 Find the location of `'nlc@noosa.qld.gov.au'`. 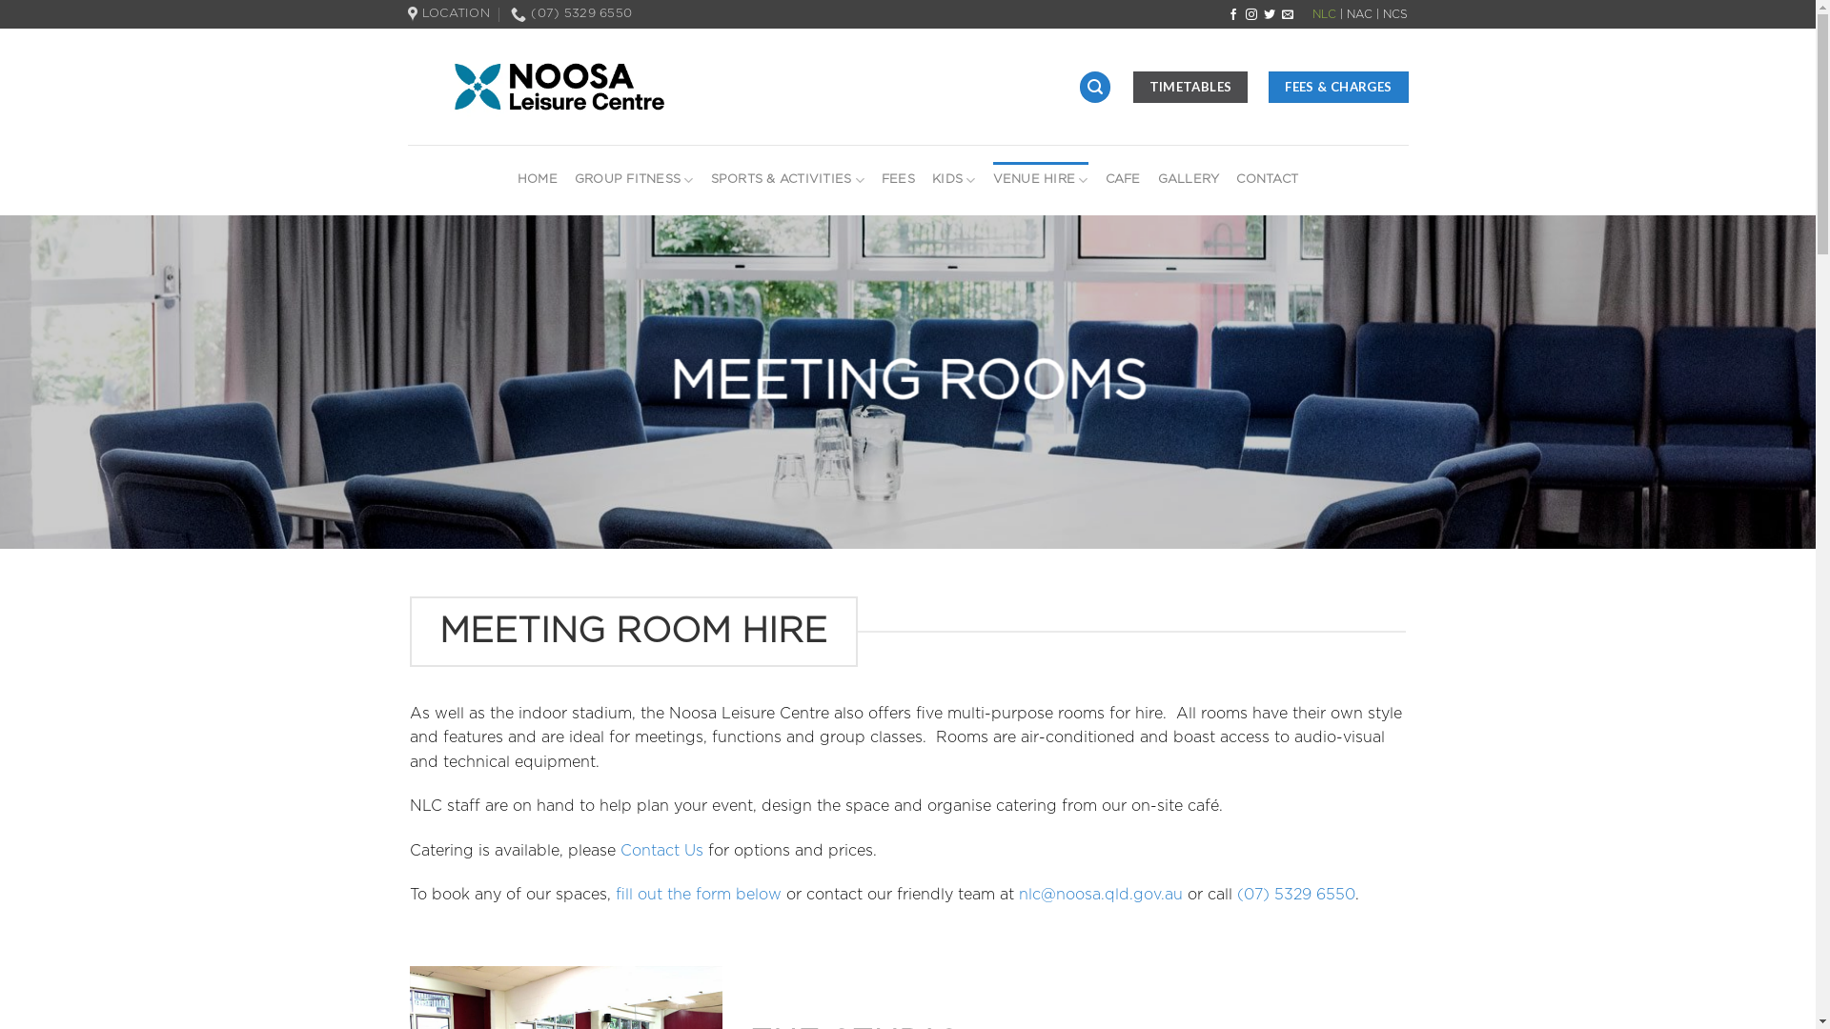

'nlc@noosa.qld.gov.au' is located at coordinates (1101, 894).